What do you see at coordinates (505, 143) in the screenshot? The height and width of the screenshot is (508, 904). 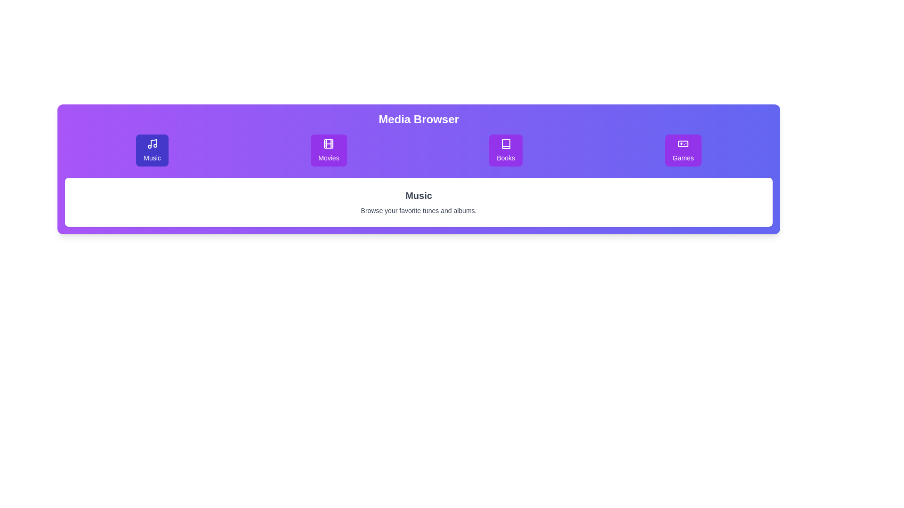 I see `the graphical icon resembling a book with a purple background in the top menu bar labeled 'Books'` at bounding box center [505, 143].